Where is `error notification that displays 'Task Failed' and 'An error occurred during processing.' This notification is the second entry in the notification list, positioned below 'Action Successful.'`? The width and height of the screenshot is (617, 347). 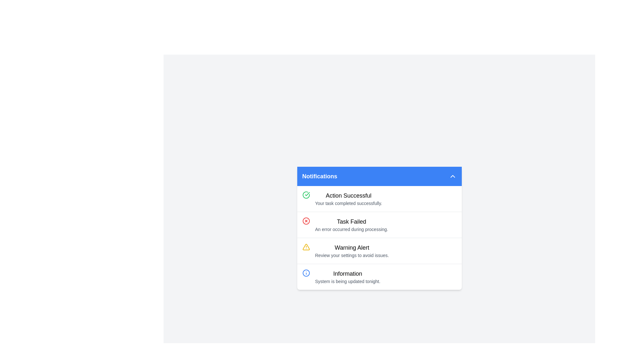
error notification that displays 'Task Failed' and 'An error occurred during processing.' This notification is the second entry in the notification list, positioned below 'Action Successful.' is located at coordinates (379, 224).